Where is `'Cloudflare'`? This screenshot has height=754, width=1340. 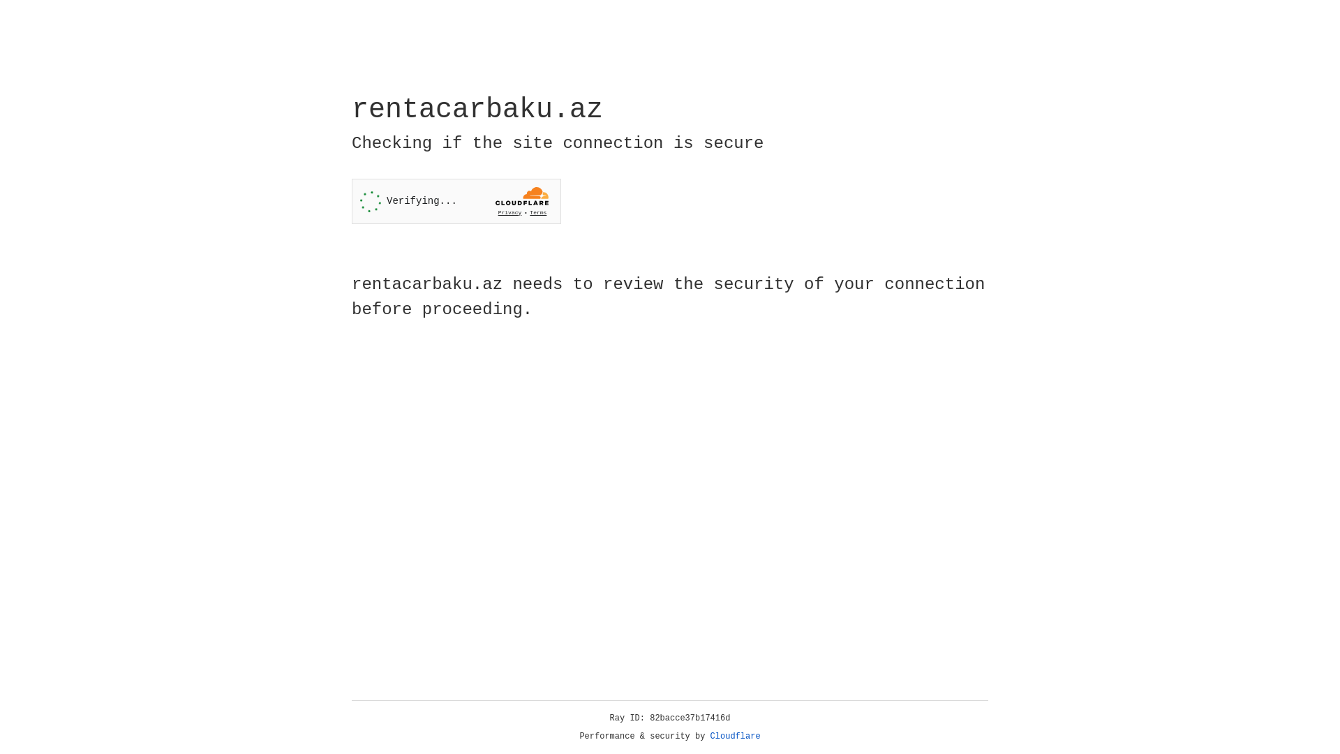
'Cloudflare' is located at coordinates (710, 736).